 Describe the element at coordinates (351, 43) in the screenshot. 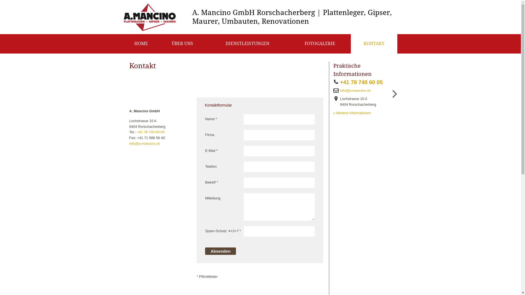

I see `'KONTAKT'` at that location.